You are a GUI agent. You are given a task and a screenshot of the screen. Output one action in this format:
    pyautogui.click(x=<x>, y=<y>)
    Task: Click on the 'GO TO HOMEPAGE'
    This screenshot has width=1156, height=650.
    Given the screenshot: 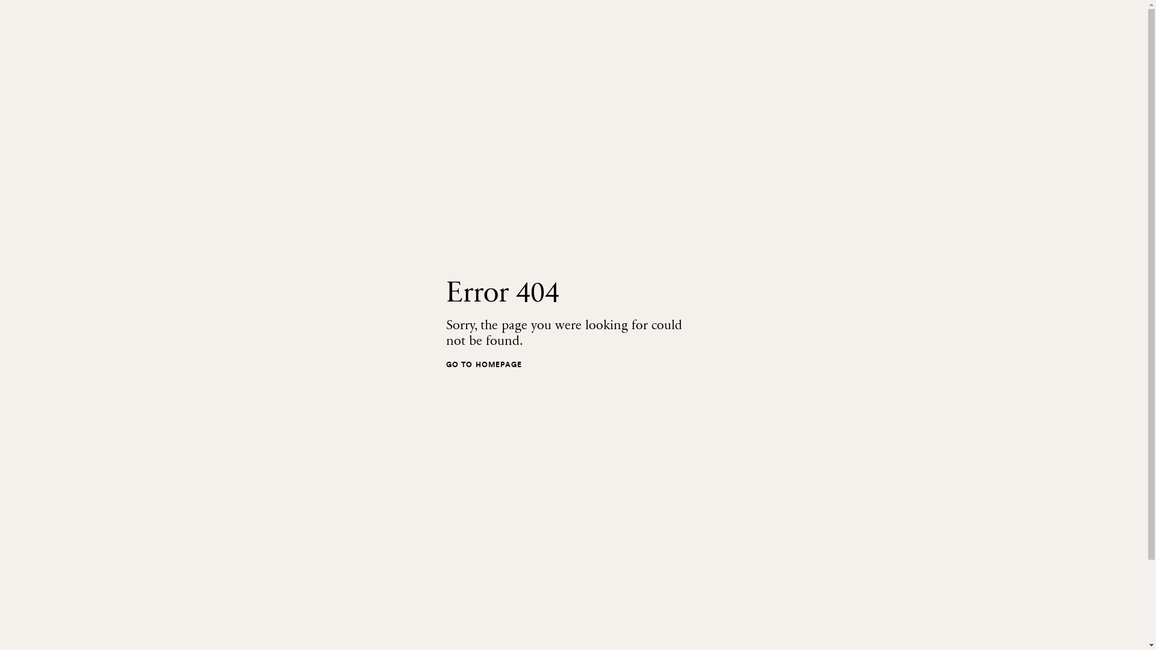 What is the action you would take?
    pyautogui.click(x=483, y=364)
    